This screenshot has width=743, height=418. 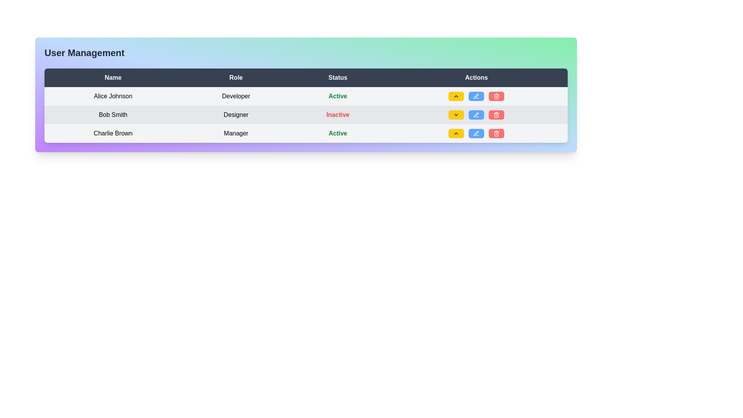 I want to click on the informational text label indicating the current status of user 'Bob Smith' in the 'Status' column of the table, so click(x=338, y=115).